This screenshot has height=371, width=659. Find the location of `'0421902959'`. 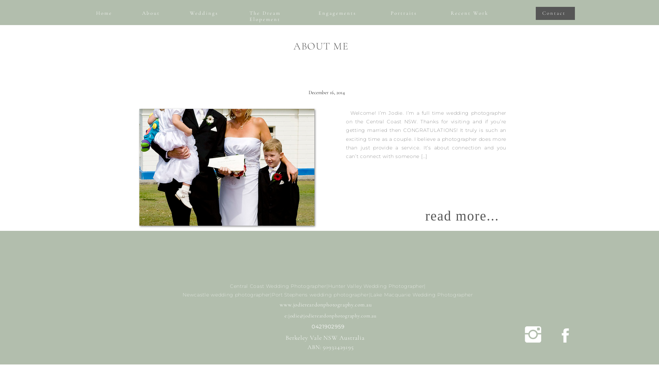

'0421902959' is located at coordinates (327, 325).